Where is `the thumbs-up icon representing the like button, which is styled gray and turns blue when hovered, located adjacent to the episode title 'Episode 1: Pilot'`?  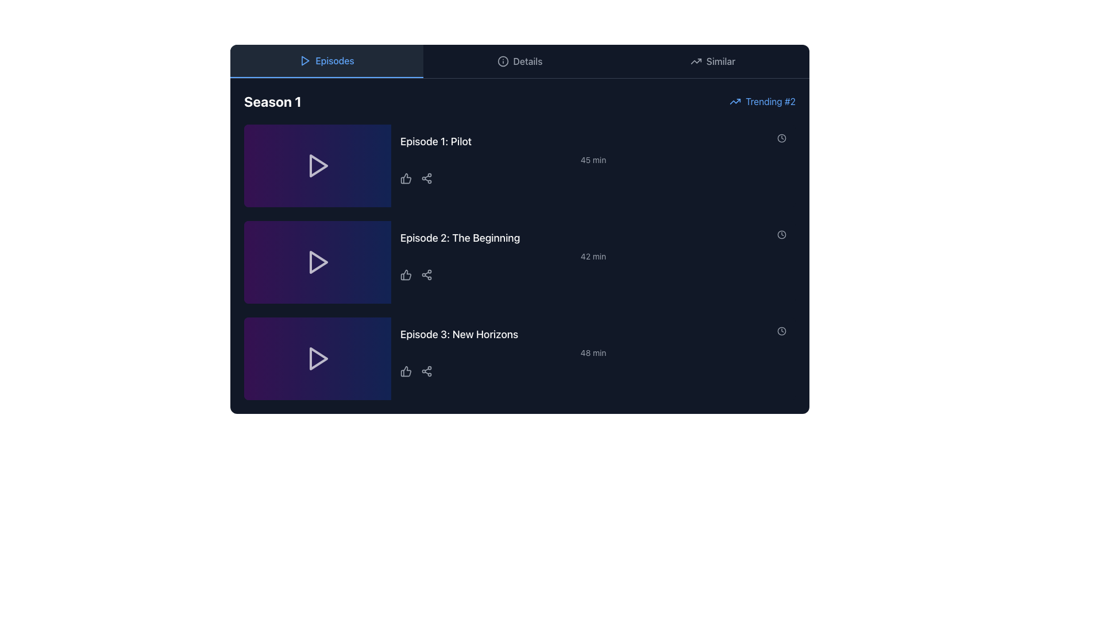 the thumbs-up icon representing the like button, which is styled gray and turns blue when hovered, located adjacent to the episode title 'Episode 1: Pilot' is located at coordinates (406, 179).